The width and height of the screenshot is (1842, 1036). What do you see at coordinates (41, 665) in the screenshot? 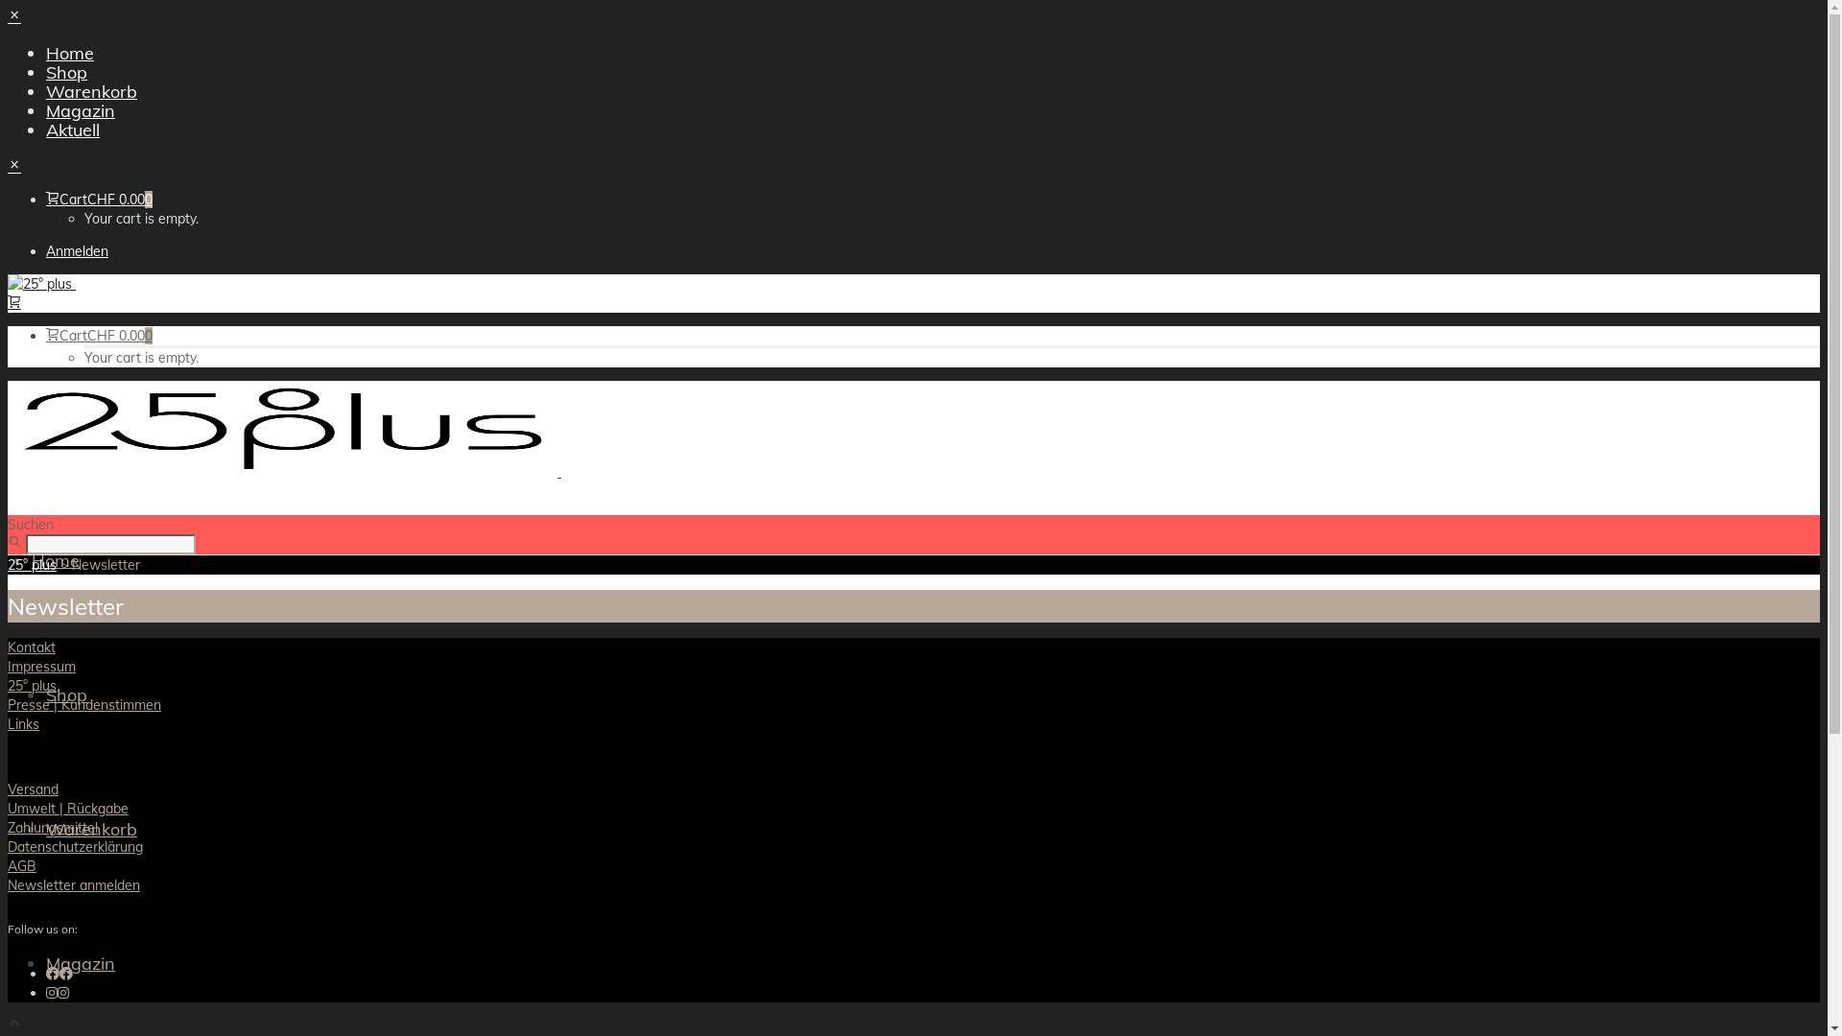
I see `'Impressum'` at bounding box center [41, 665].